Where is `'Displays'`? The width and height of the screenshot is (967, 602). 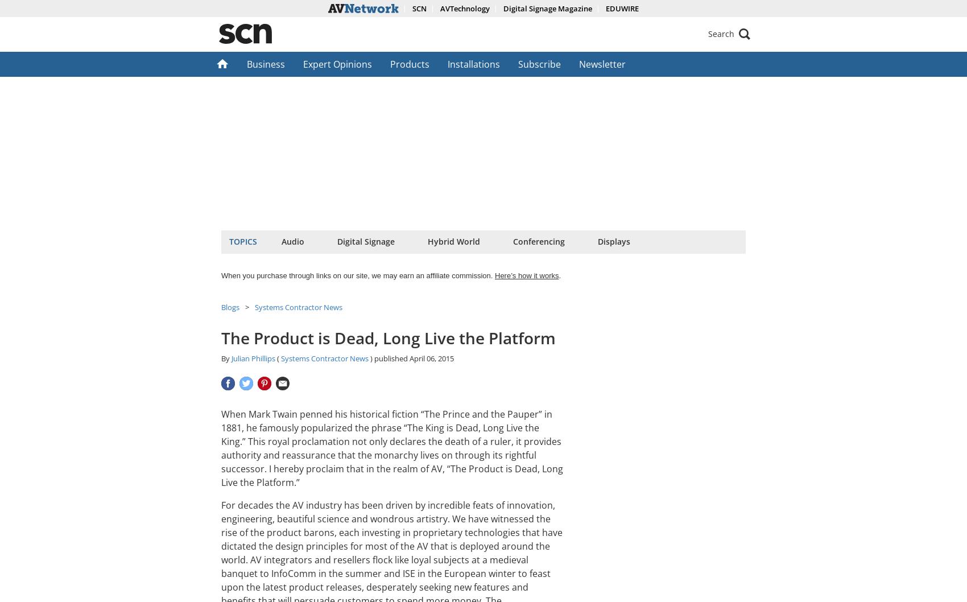
'Displays' is located at coordinates (614, 241).